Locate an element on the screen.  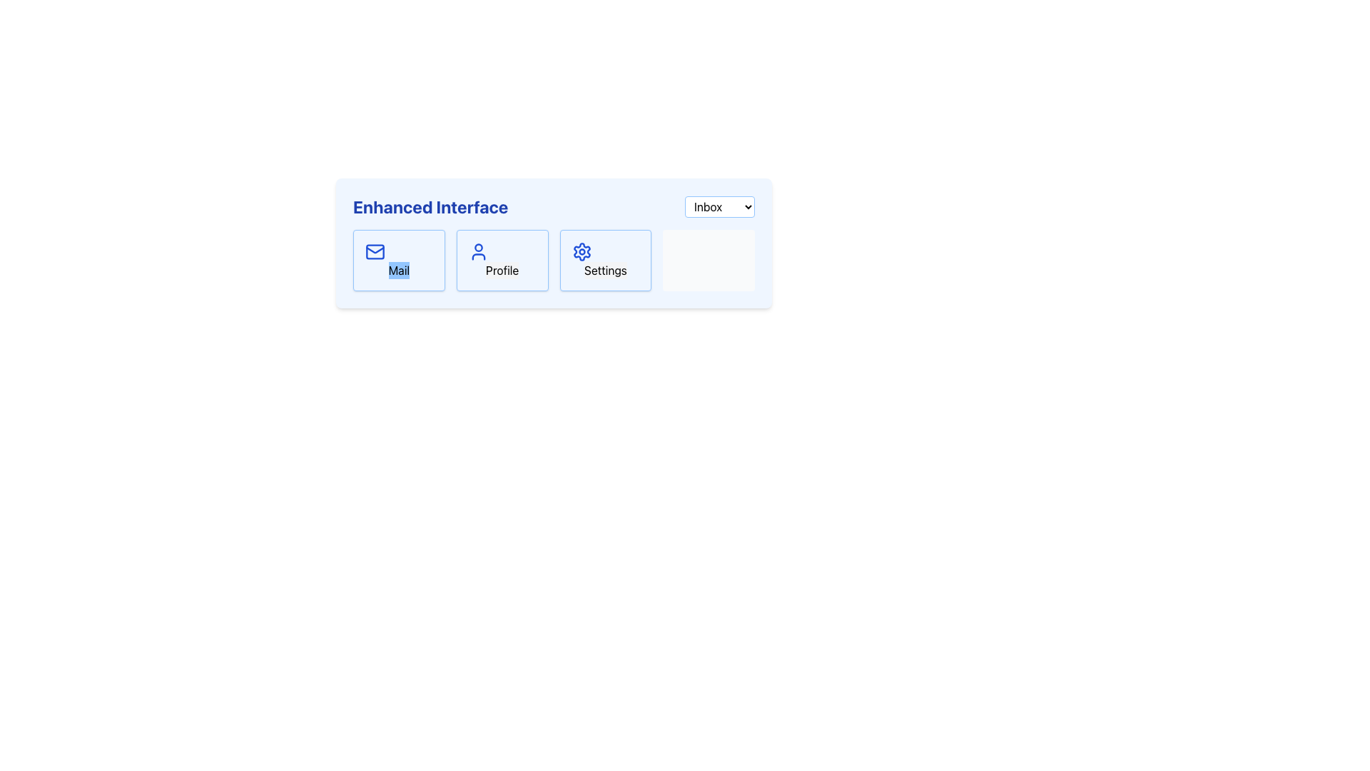
the 'Profile' button is located at coordinates (502, 270).